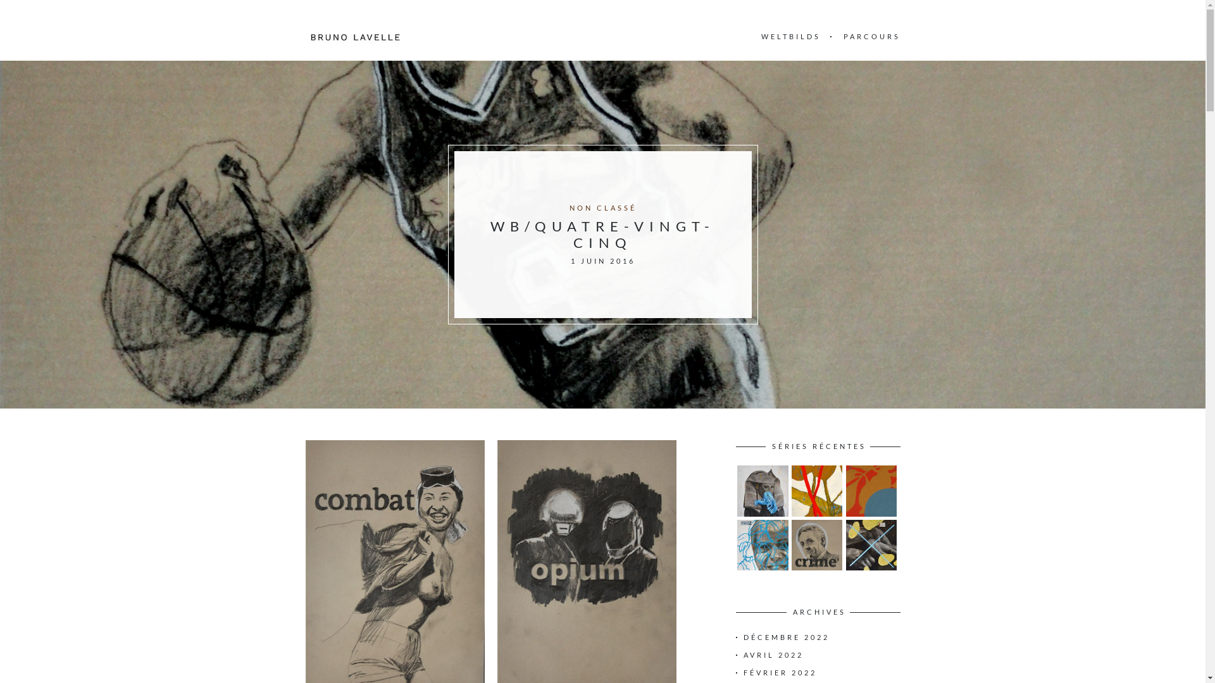 This screenshot has height=683, width=1215. I want to click on 'WELTBILDS', so click(789, 35).